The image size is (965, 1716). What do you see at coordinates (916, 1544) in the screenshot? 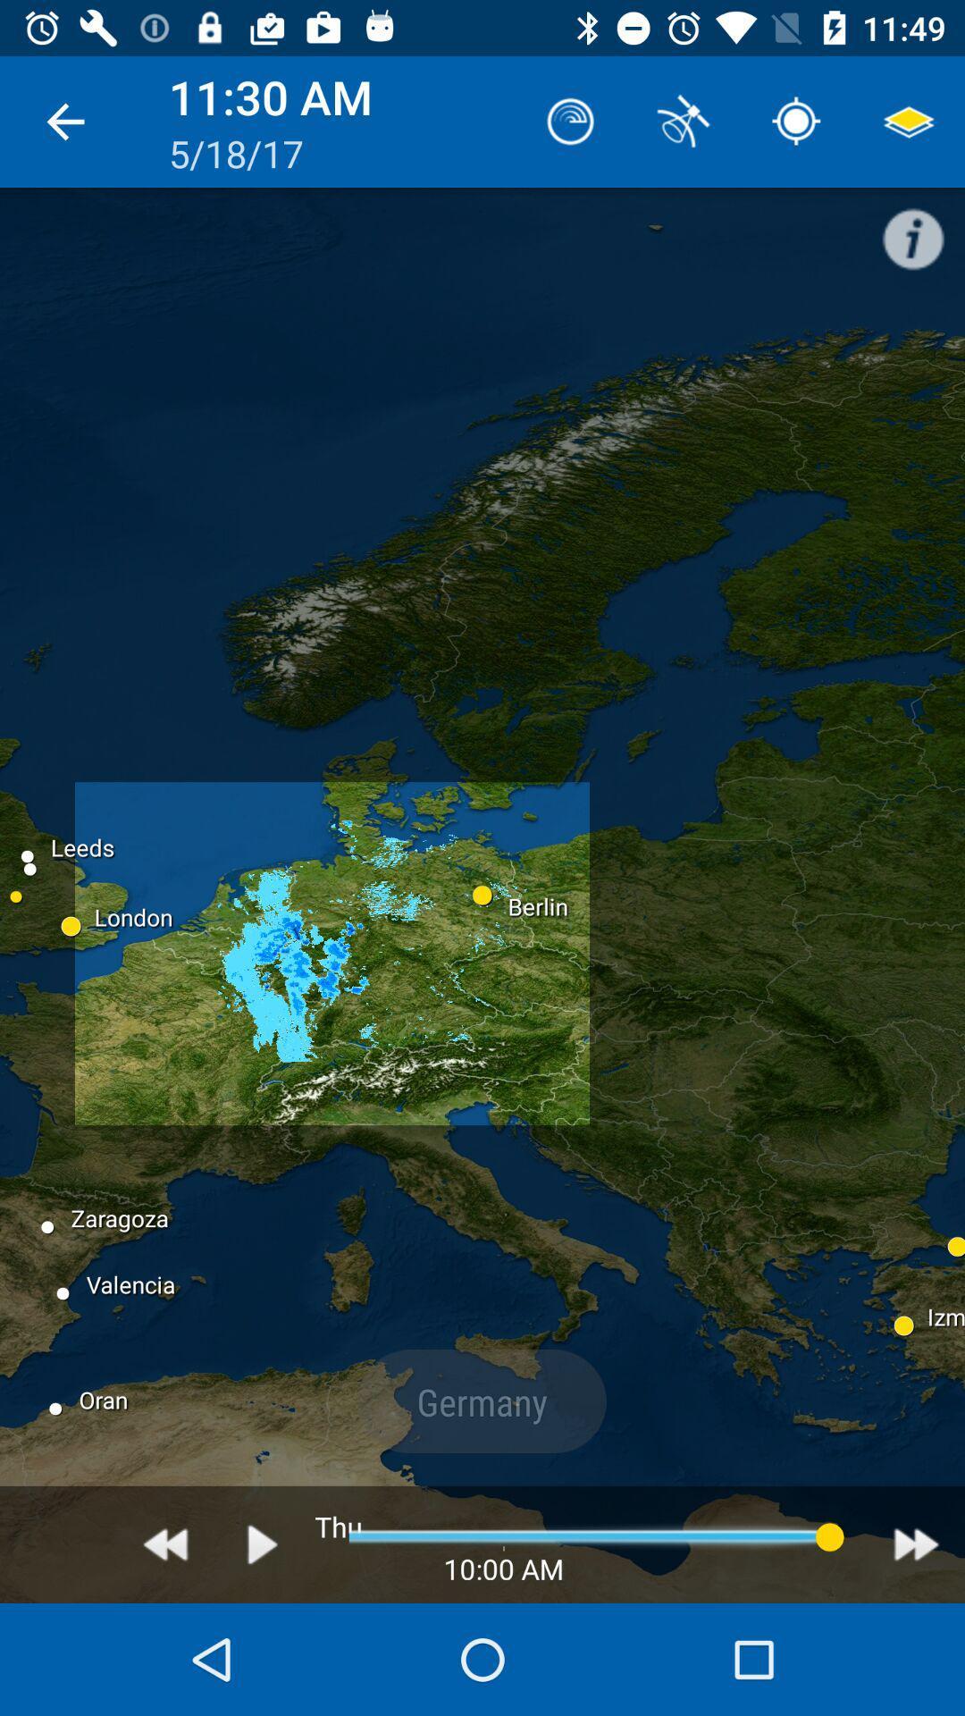
I see `the av_forward icon` at bounding box center [916, 1544].